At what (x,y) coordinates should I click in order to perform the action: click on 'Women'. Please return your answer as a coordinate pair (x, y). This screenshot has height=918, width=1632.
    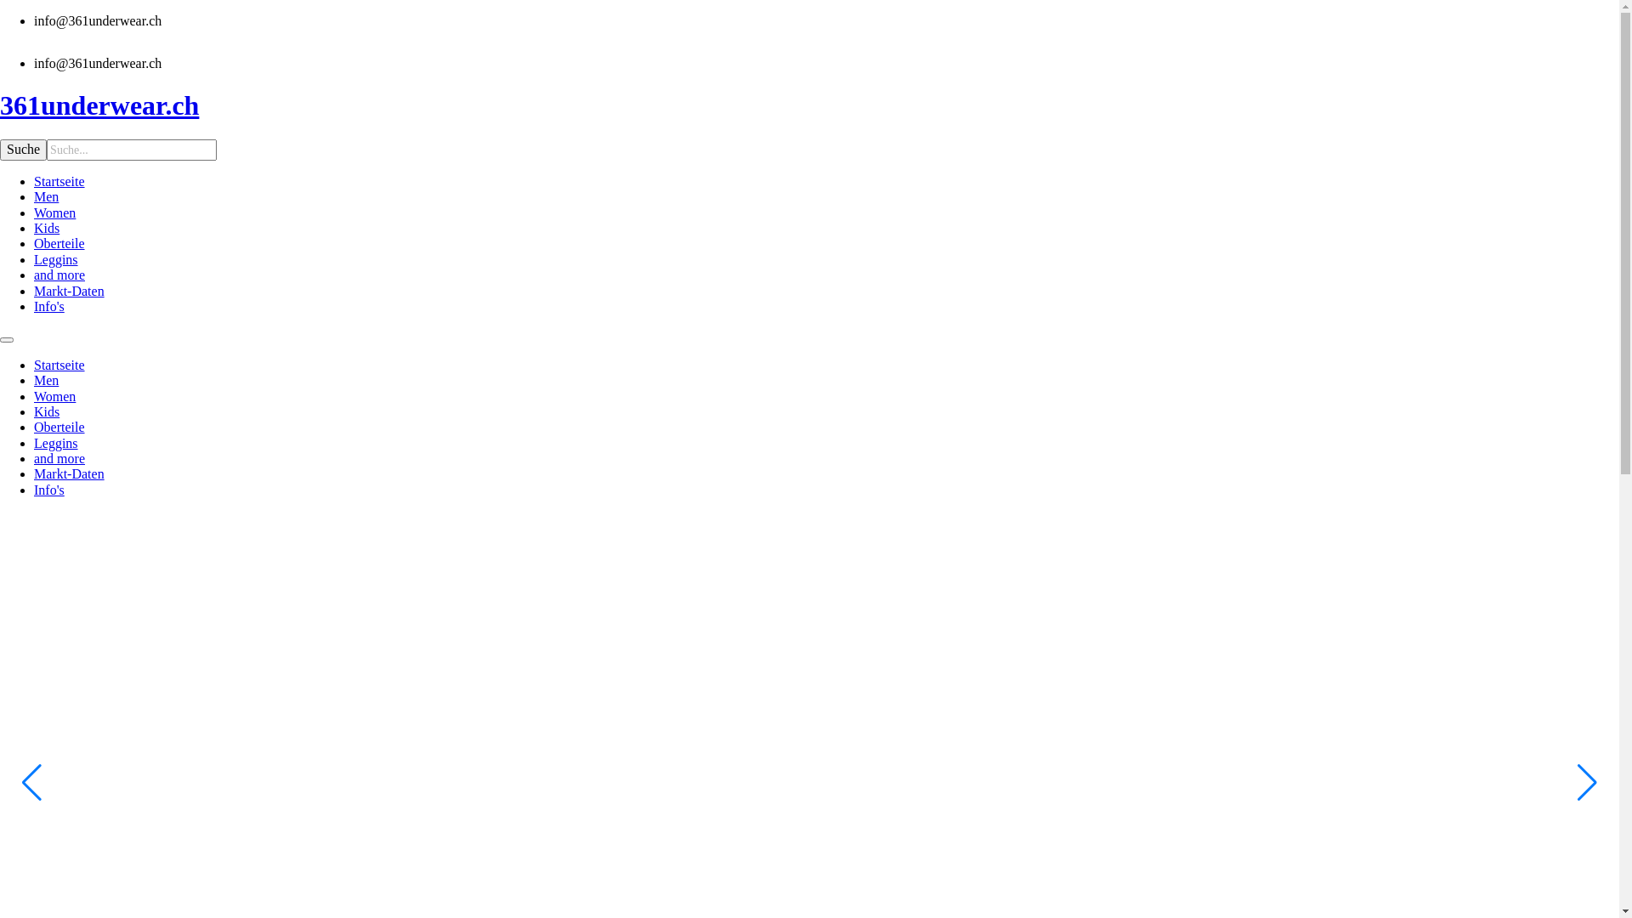
    Looking at the image, I should click on (54, 212).